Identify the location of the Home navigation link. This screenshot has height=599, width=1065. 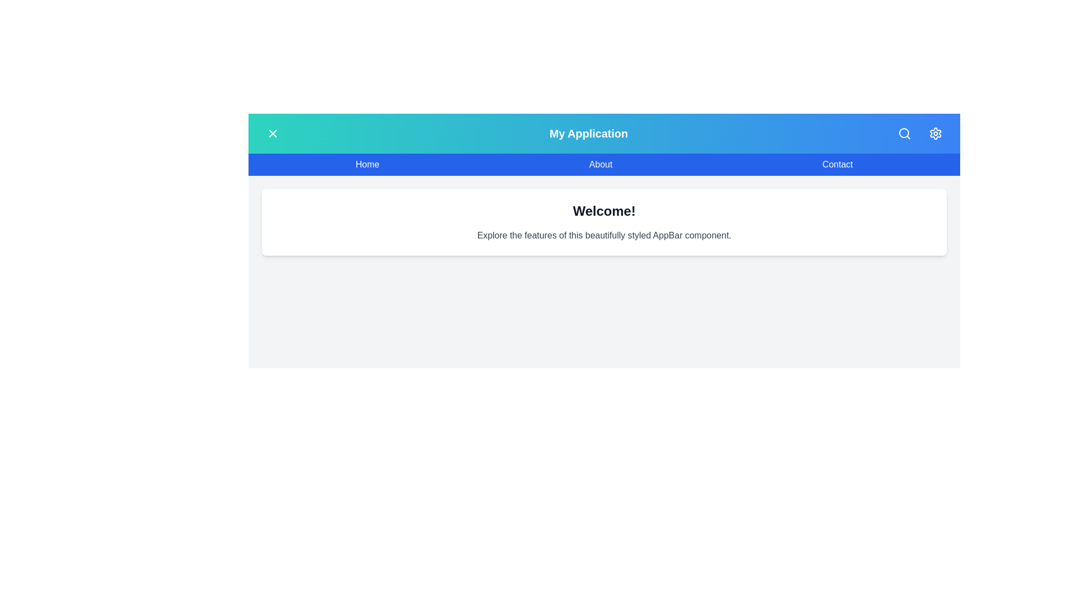
(367, 165).